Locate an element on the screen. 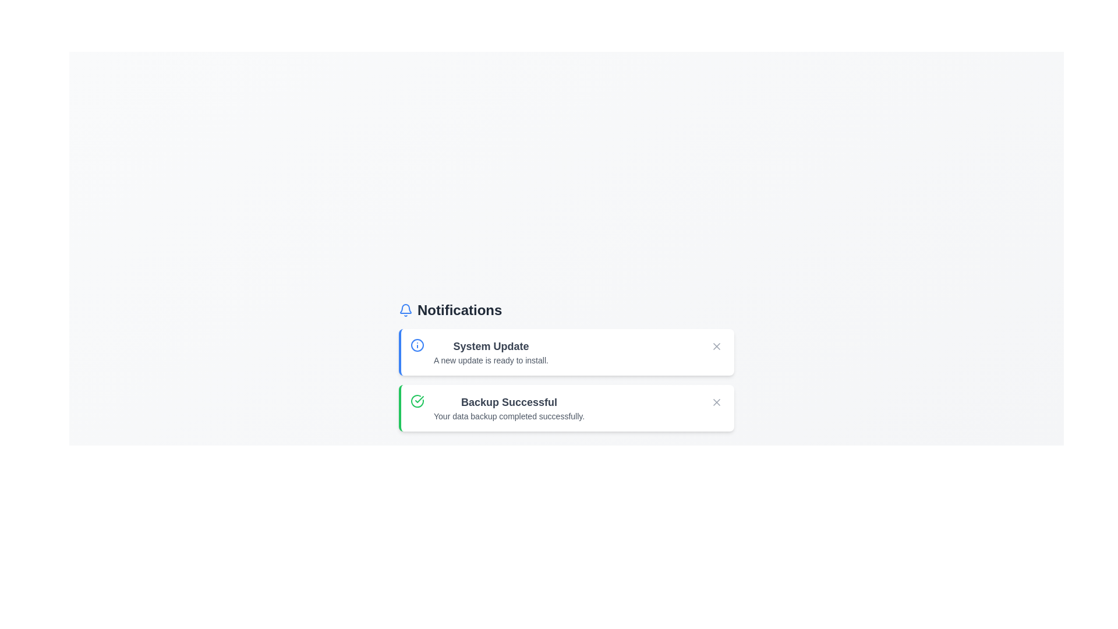  the green checkmark icon within the 'Backup Successful' notification card, which is styled as a circular badge is located at coordinates (419, 399).